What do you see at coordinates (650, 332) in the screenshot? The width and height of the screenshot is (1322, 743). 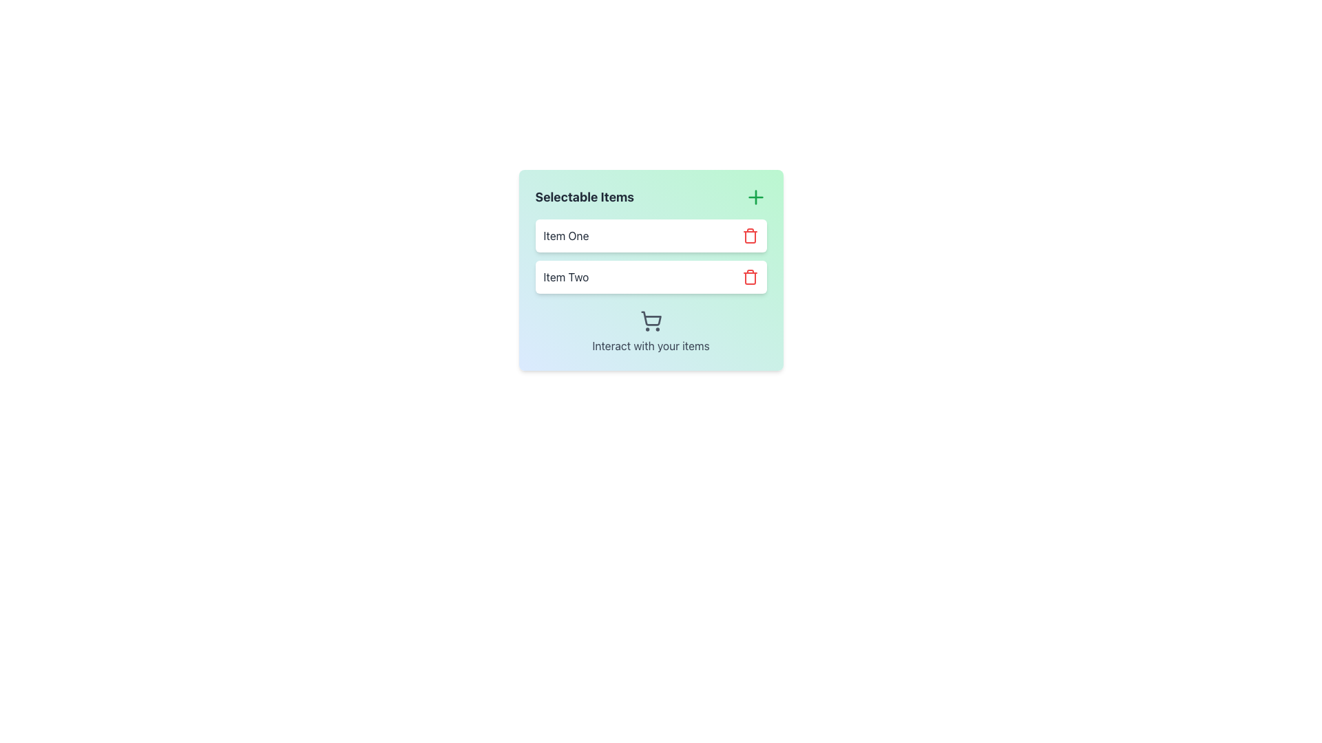 I see `the informational and interactive section located at the bottom of the centered card layout, right below 'Item One' and 'Item Two'` at bounding box center [650, 332].